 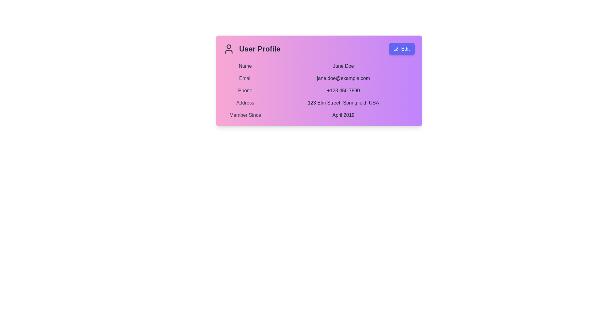 What do you see at coordinates (343, 115) in the screenshot?
I see `date information displayed in the text label 'April 2019', which is aligned with the 'Member Since' label on the user profile card` at bounding box center [343, 115].